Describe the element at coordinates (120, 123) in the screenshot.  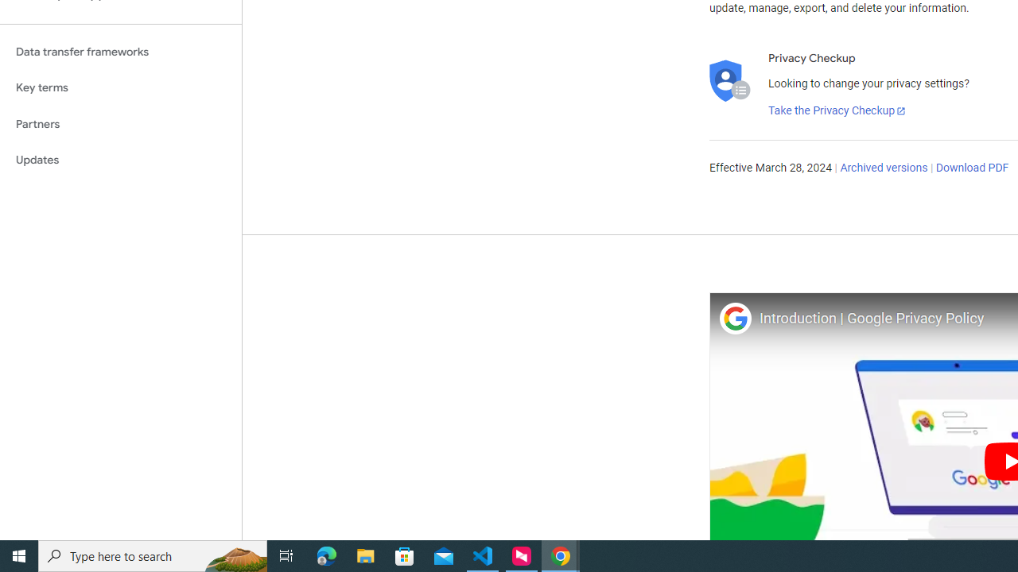
I see `'Partners'` at that location.